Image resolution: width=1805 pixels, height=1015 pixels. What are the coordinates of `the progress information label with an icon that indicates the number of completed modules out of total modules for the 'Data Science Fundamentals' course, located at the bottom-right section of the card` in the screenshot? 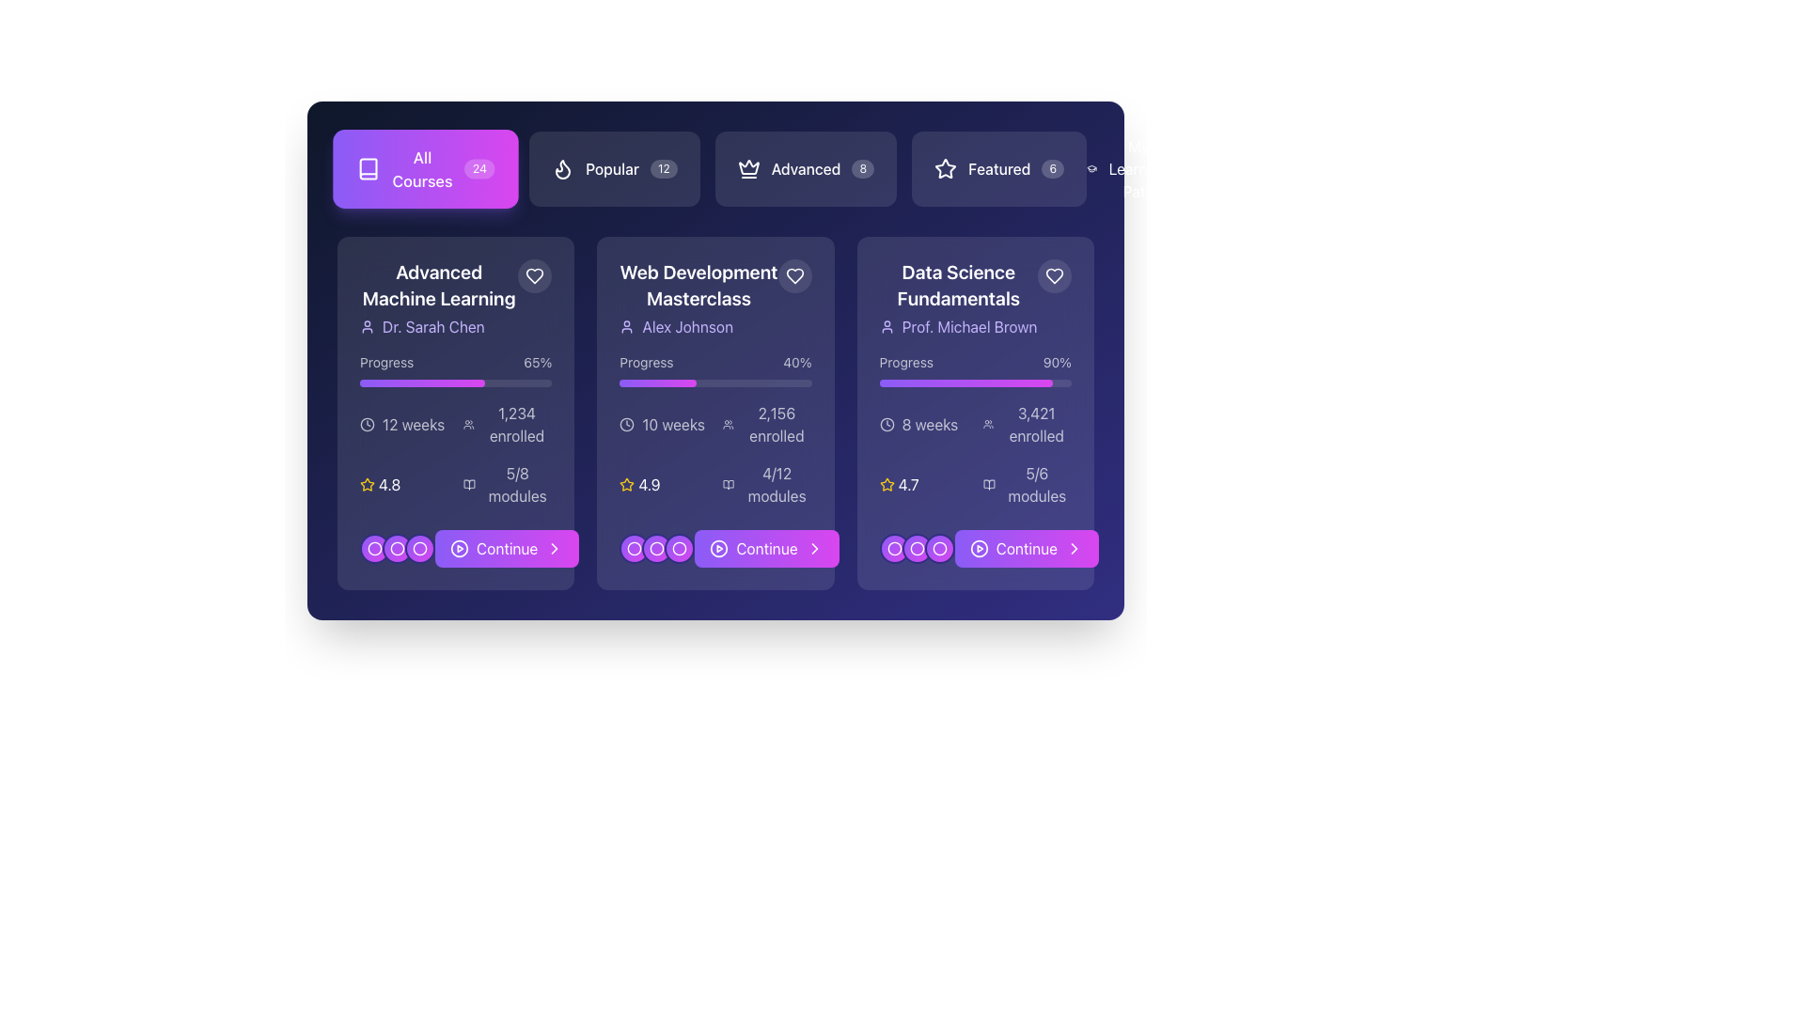 It's located at (1026, 484).